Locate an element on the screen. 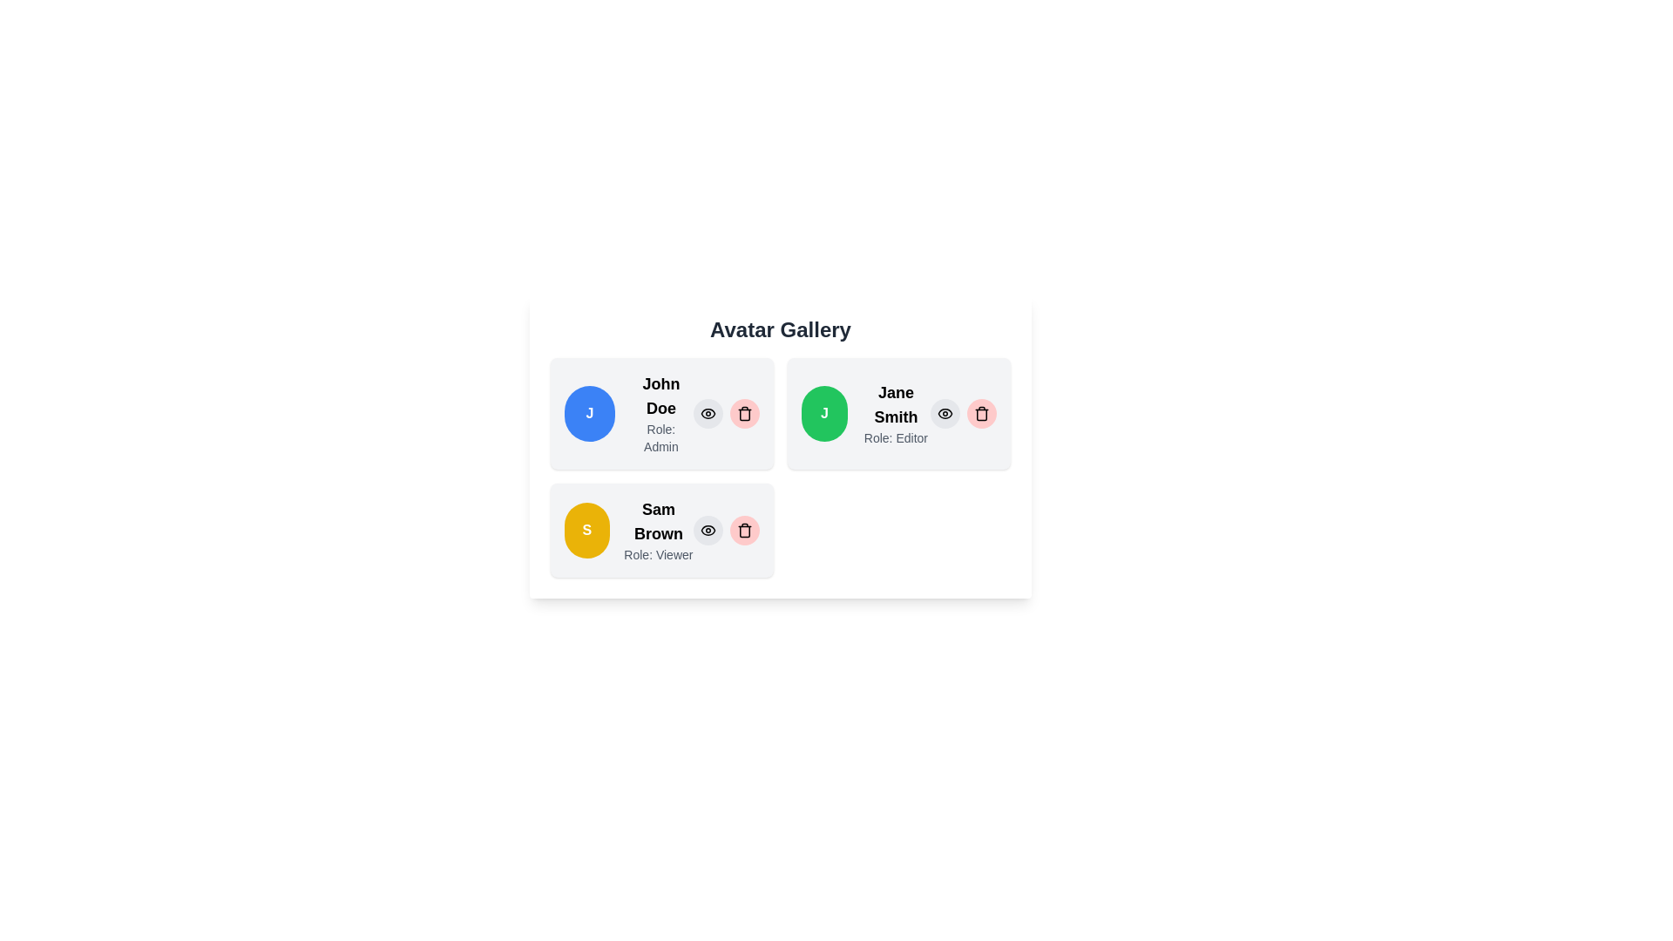  the eye button in the button group on the right side of John Doe's user card is located at coordinates (727, 413).